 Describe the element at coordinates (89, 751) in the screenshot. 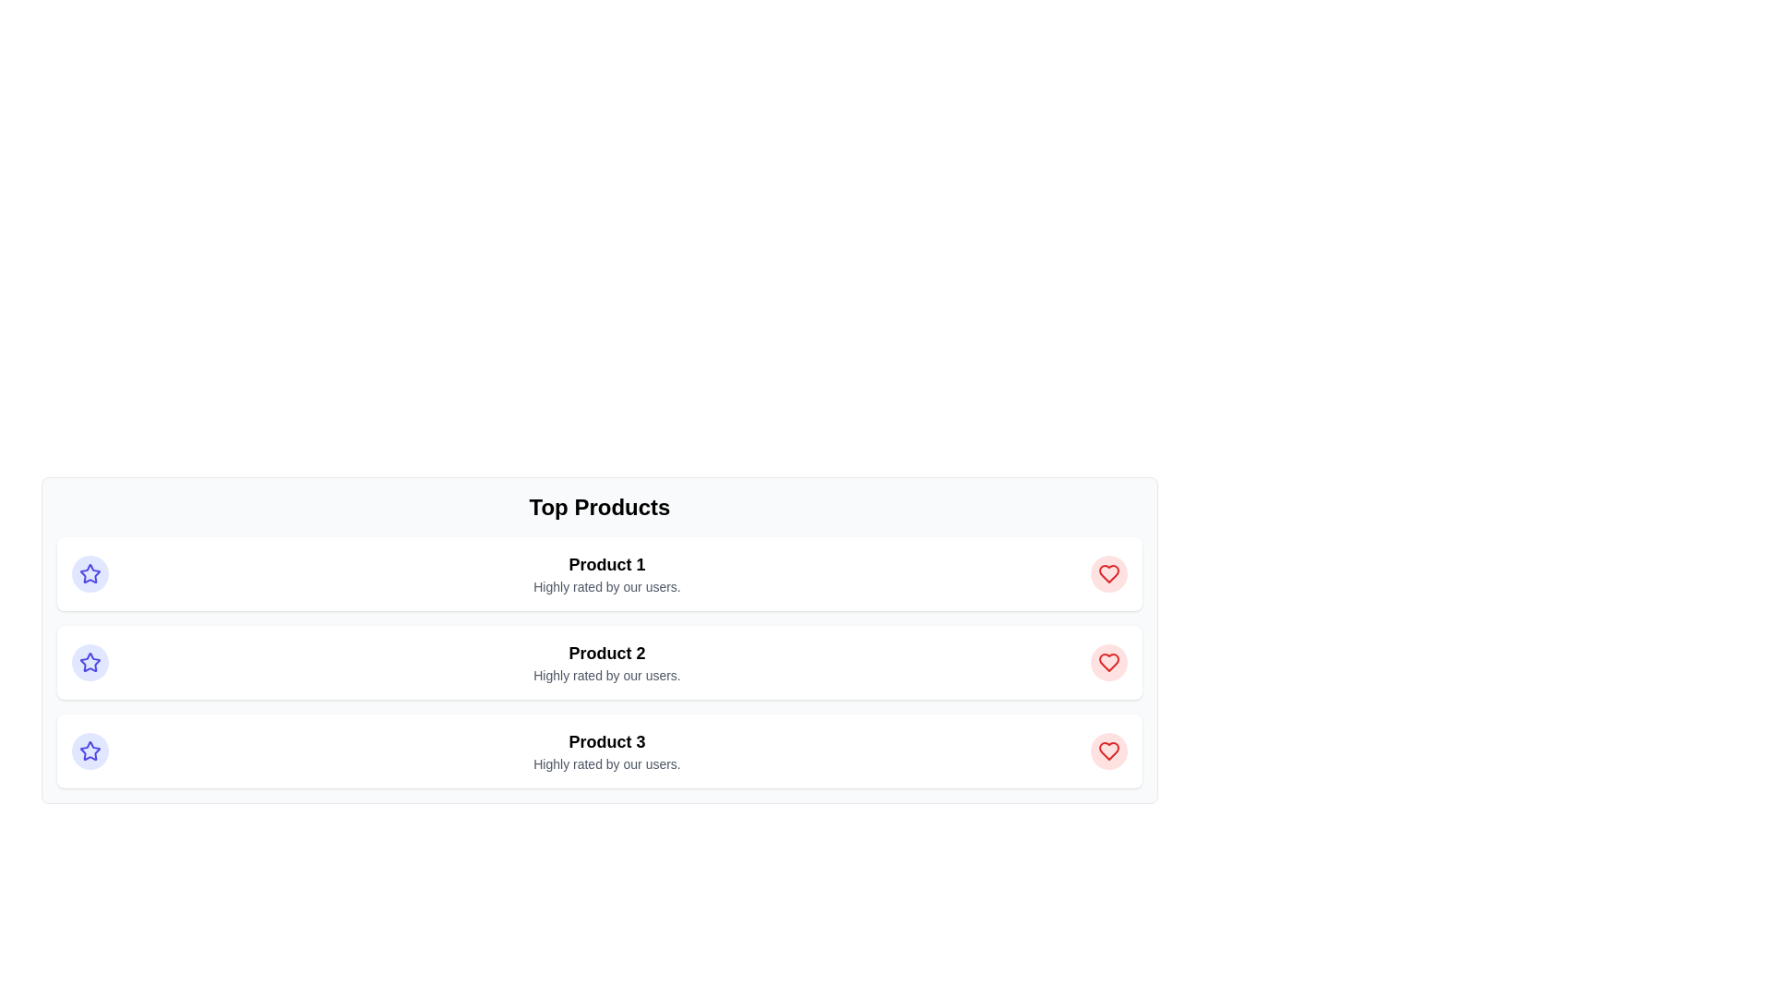

I see `the 'favorite' or 'rating' icon located at the leftmost side of the third row in the 'Top Products' listing` at that location.